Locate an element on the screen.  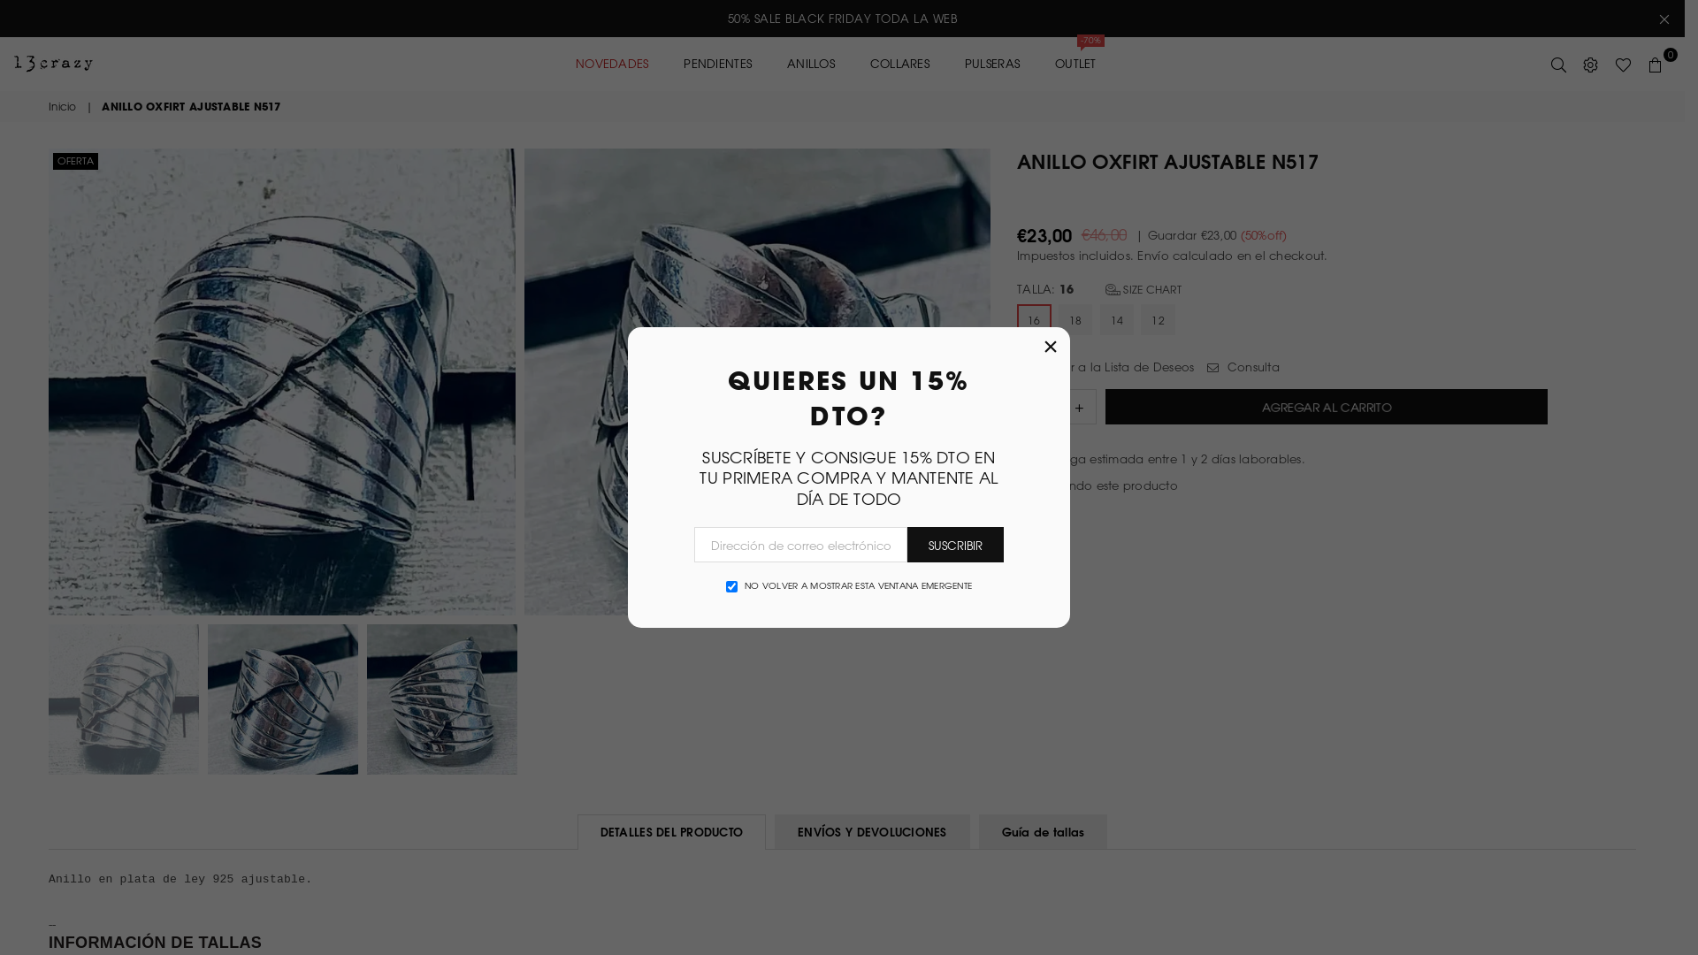
'Consulta' is located at coordinates (1243, 366).